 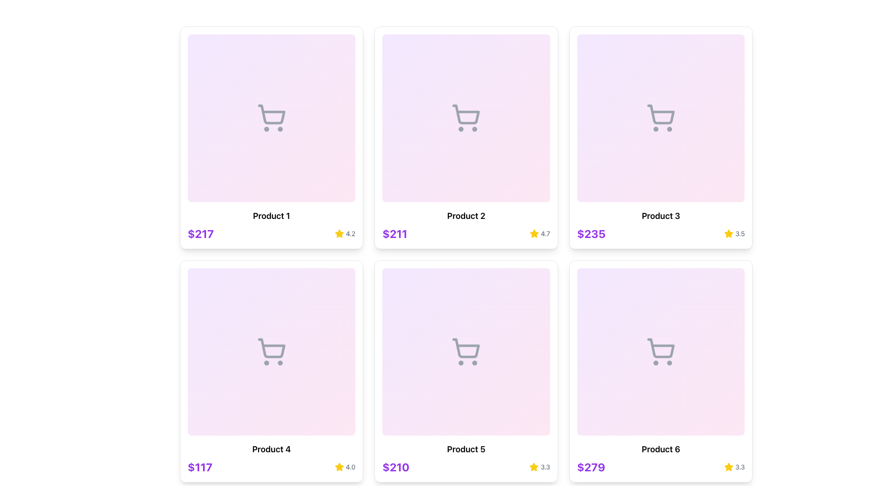 I want to click on the star icon located at the bottom-right corner of the card for 'Product 3', which is part of a grid of star icons used for rating, so click(x=728, y=233).